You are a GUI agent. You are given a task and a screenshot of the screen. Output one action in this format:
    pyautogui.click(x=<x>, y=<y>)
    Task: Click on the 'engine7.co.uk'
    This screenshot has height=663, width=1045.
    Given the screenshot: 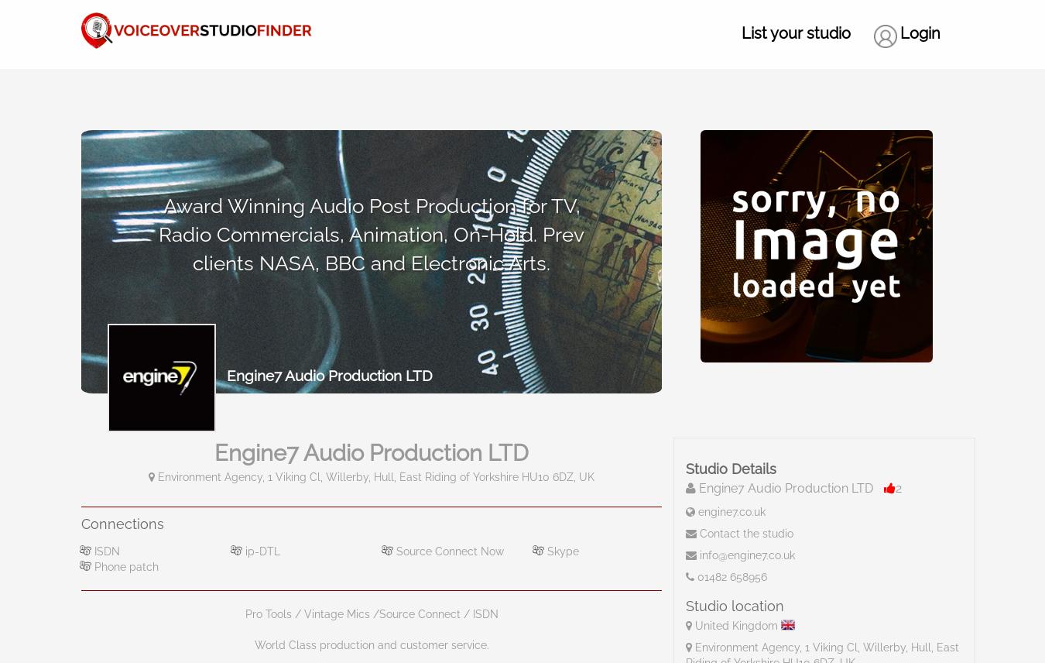 What is the action you would take?
    pyautogui.click(x=697, y=512)
    